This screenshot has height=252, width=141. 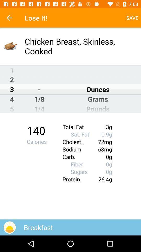 I want to click on item next to the lose it! icon, so click(x=132, y=18).